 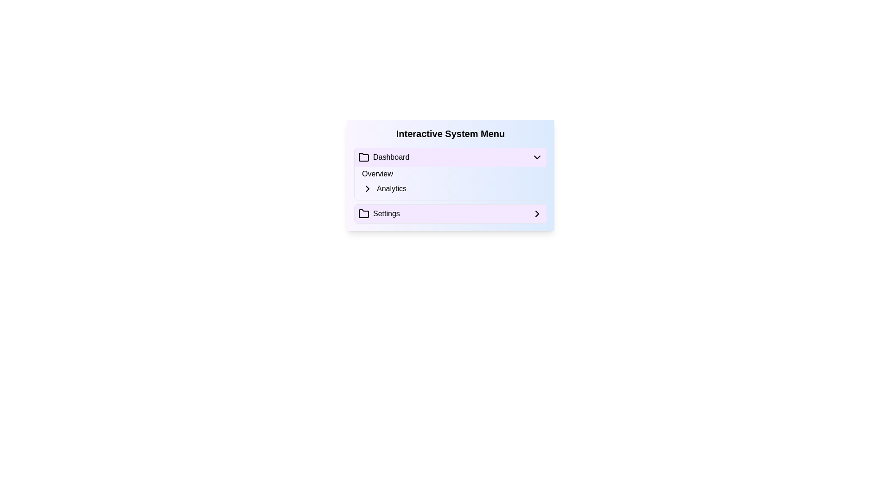 What do you see at coordinates (450, 214) in the screenshot?
I see `the light purple 'Settings' button with rounded corners, located below the 'Analytics' button in the left-hand side menu` at bounding box center [450, 214].